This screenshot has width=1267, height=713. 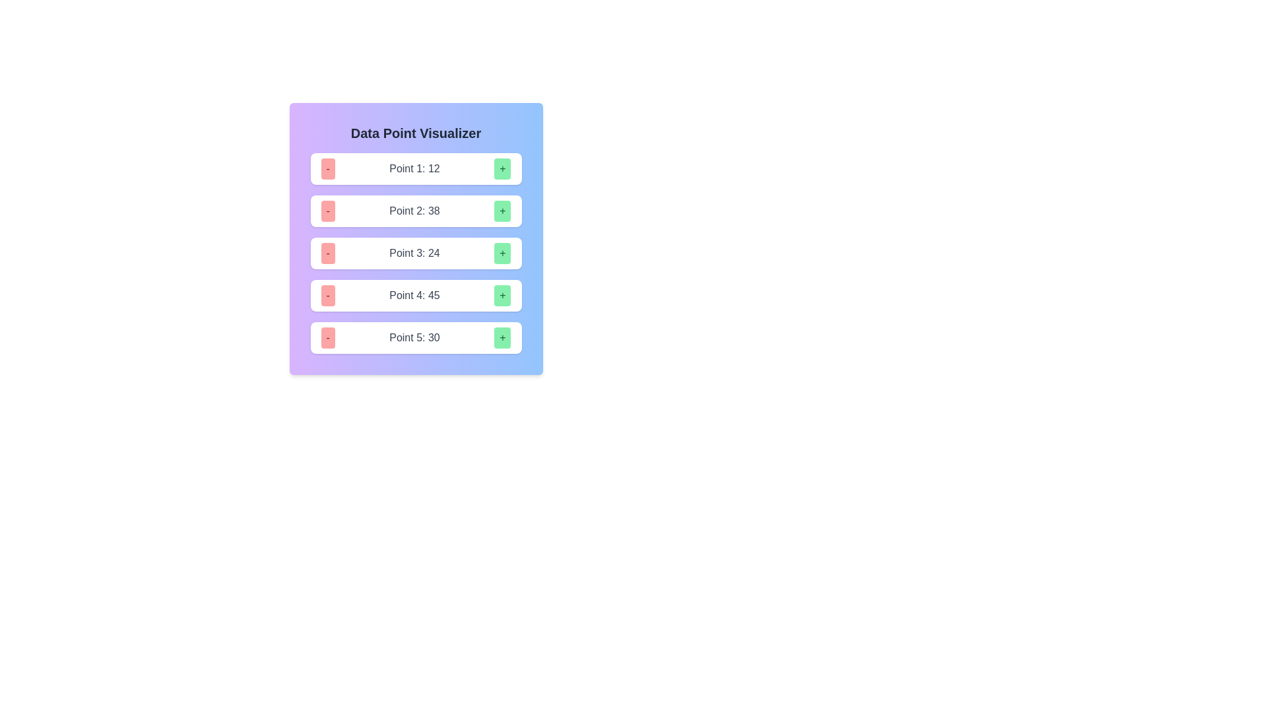 I want to click on the increment button located on the right side of the second row under the 'Data Point Visualizer' heading, so click(x=502, y=211).